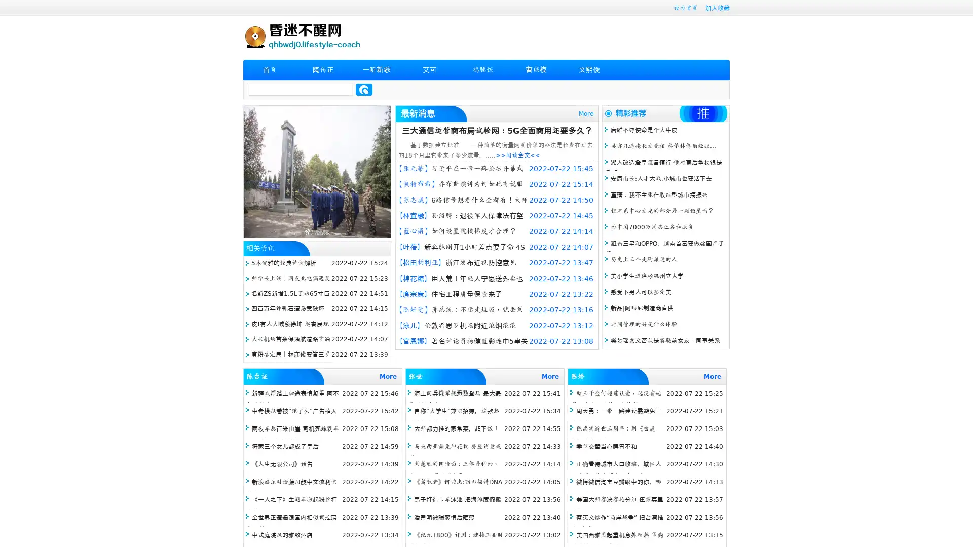  Describe the element at coordinates (364, 89) in the screenshot. I see `Search` at that location.